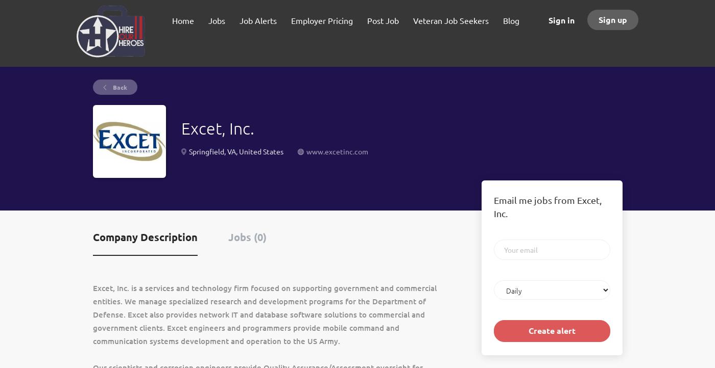  Describe the element at coordinates (111, 87) in the screenshot. I see `'Back'` at that location.